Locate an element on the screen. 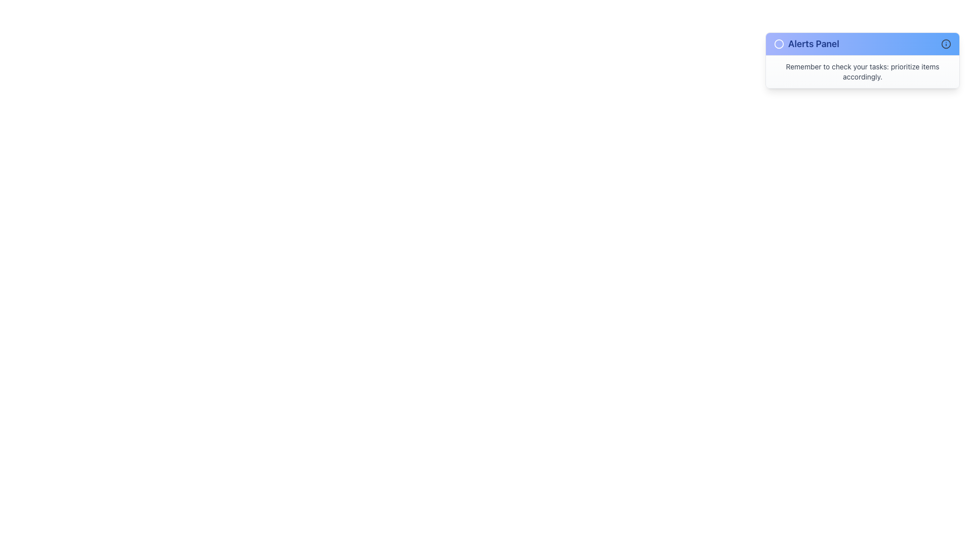 Image resolution: width=972 pixels, height=547 pixels. the circular SVG graphic icon located in the top-left corner of the 'Alerts Panel' heading section is located at coordinates (779, 44).